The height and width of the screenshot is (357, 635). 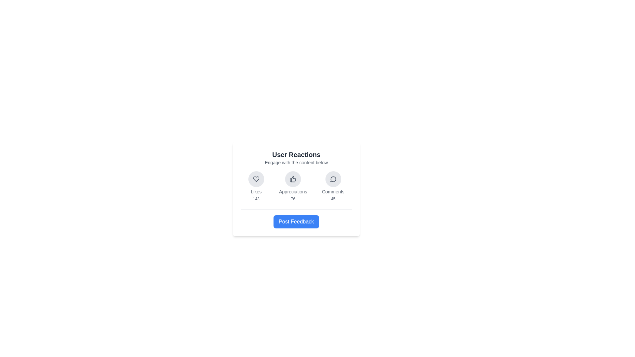 What do you see at coordinates (296, 189) in the screenshot?
I see `the 'Appreciations' reaction option` at bounding box center [296, 189].